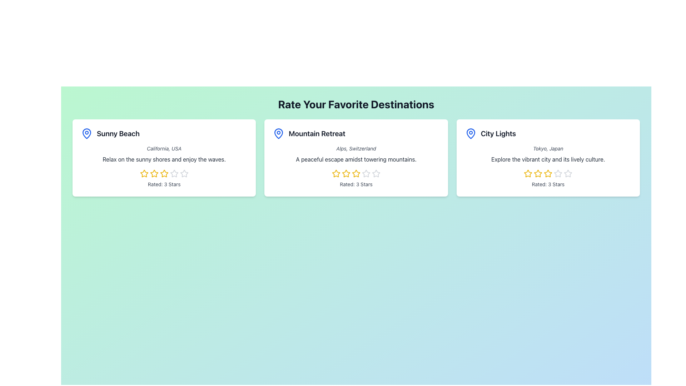 The image size is (686, 386). I want to click on the blue pin icon located at the upper-left corner of the 'Mountain Retreat' card in the navigation interface, so click(278, 134).